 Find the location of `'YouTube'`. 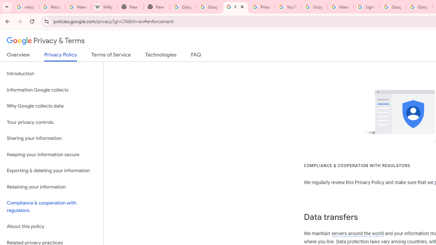

'YouTube' is located at coordinates (288, 7).